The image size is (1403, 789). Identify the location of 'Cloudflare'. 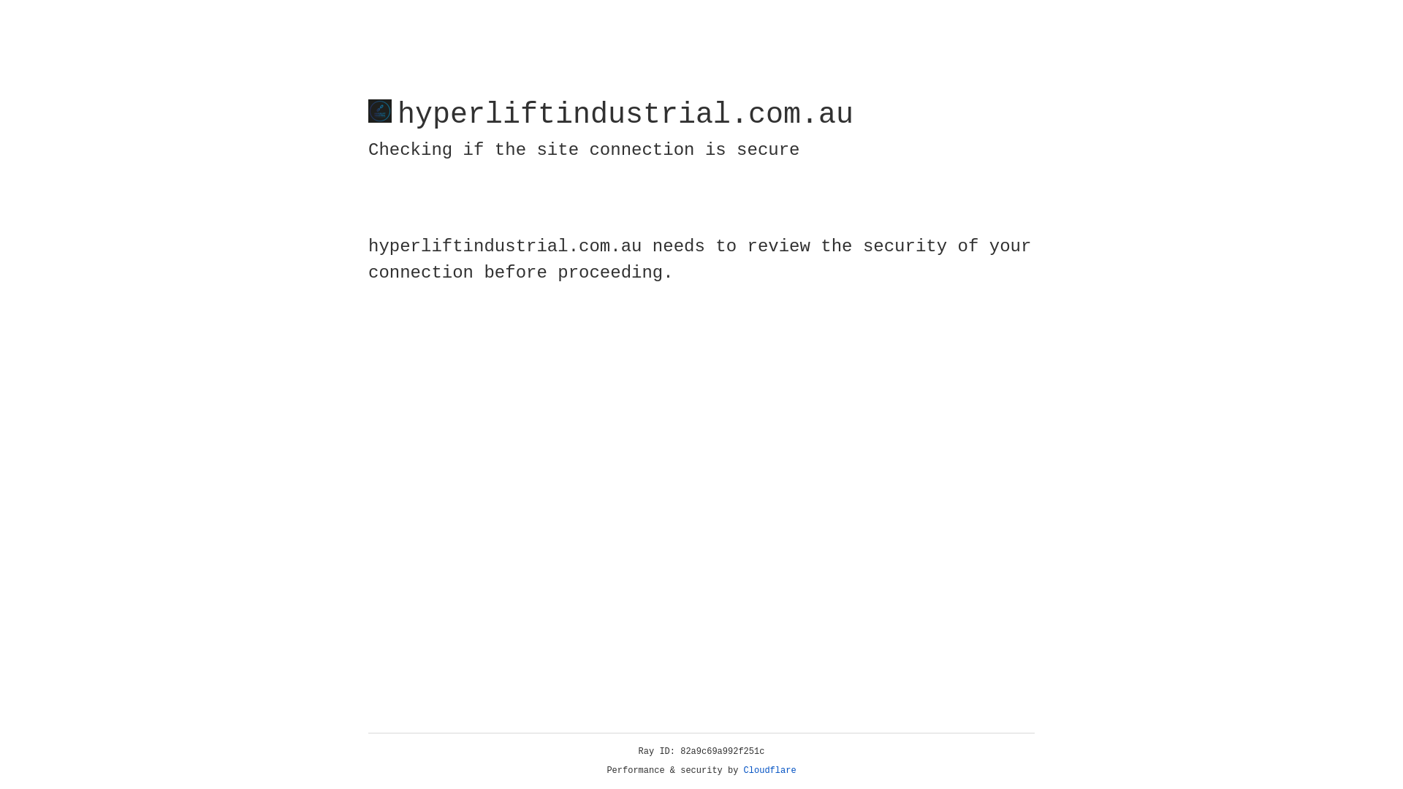
(769, 770).